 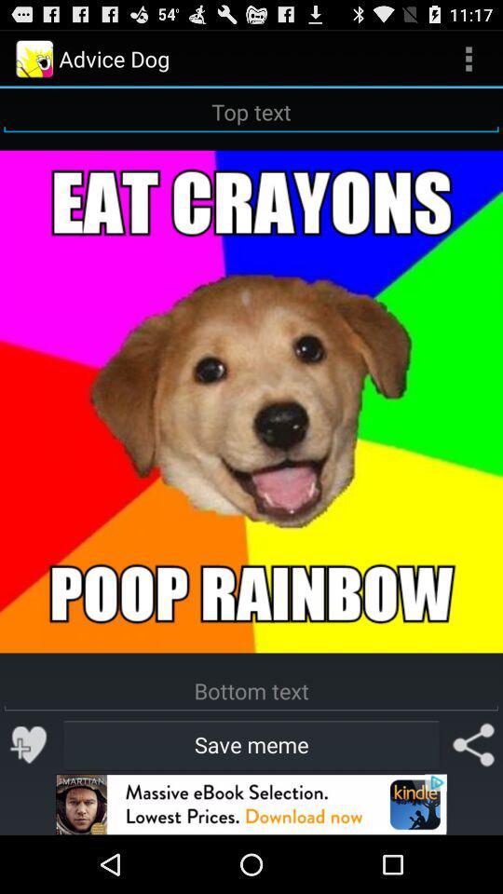 What do you see at coordinates (28, 744) in the screenshot?
I see `to favorites` at bounding box center [28, 744].